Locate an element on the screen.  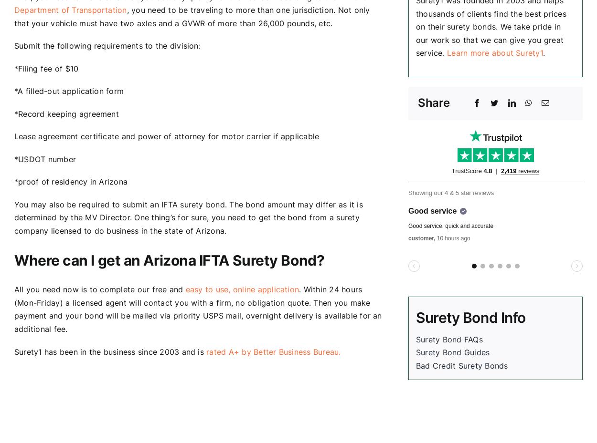
'.' is located at coordinates (543, 53).